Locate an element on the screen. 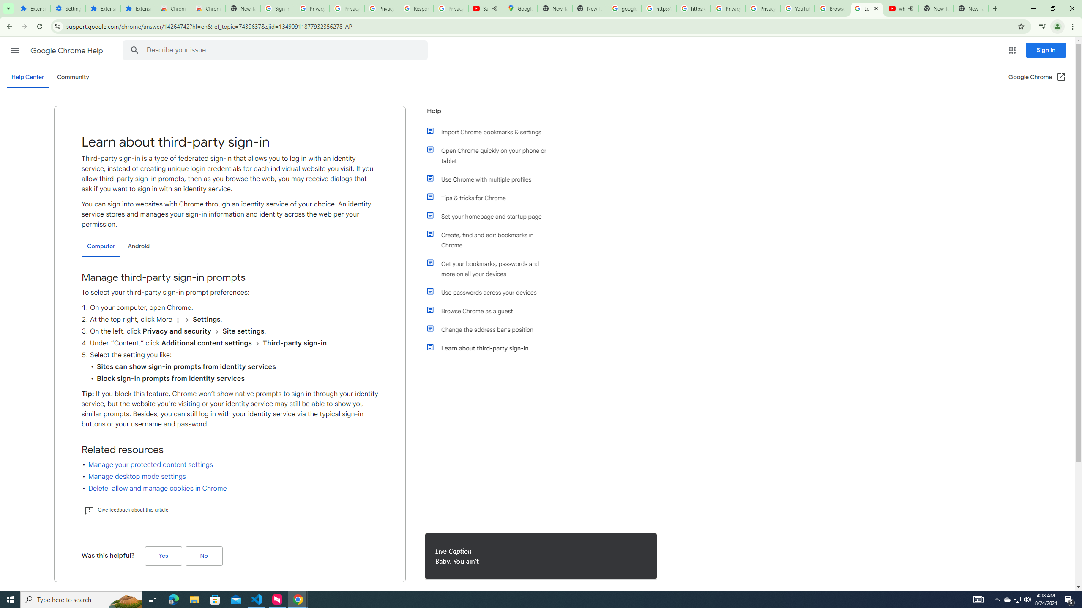 The height and width of the screenshot is (608, 1082). 'Tips & tricks for Chrome' is located at coordinates (491, 197).